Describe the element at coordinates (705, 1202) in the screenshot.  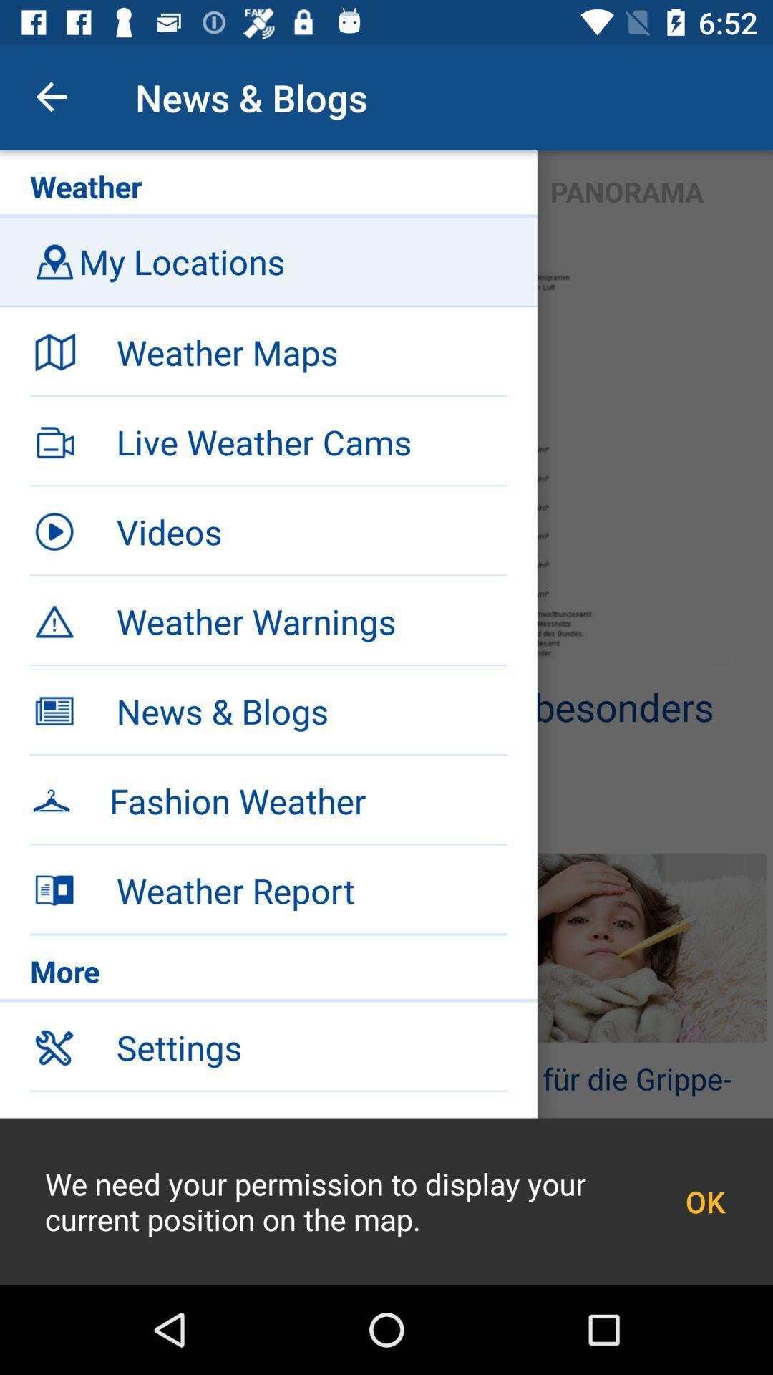
I see `ok` at that location.